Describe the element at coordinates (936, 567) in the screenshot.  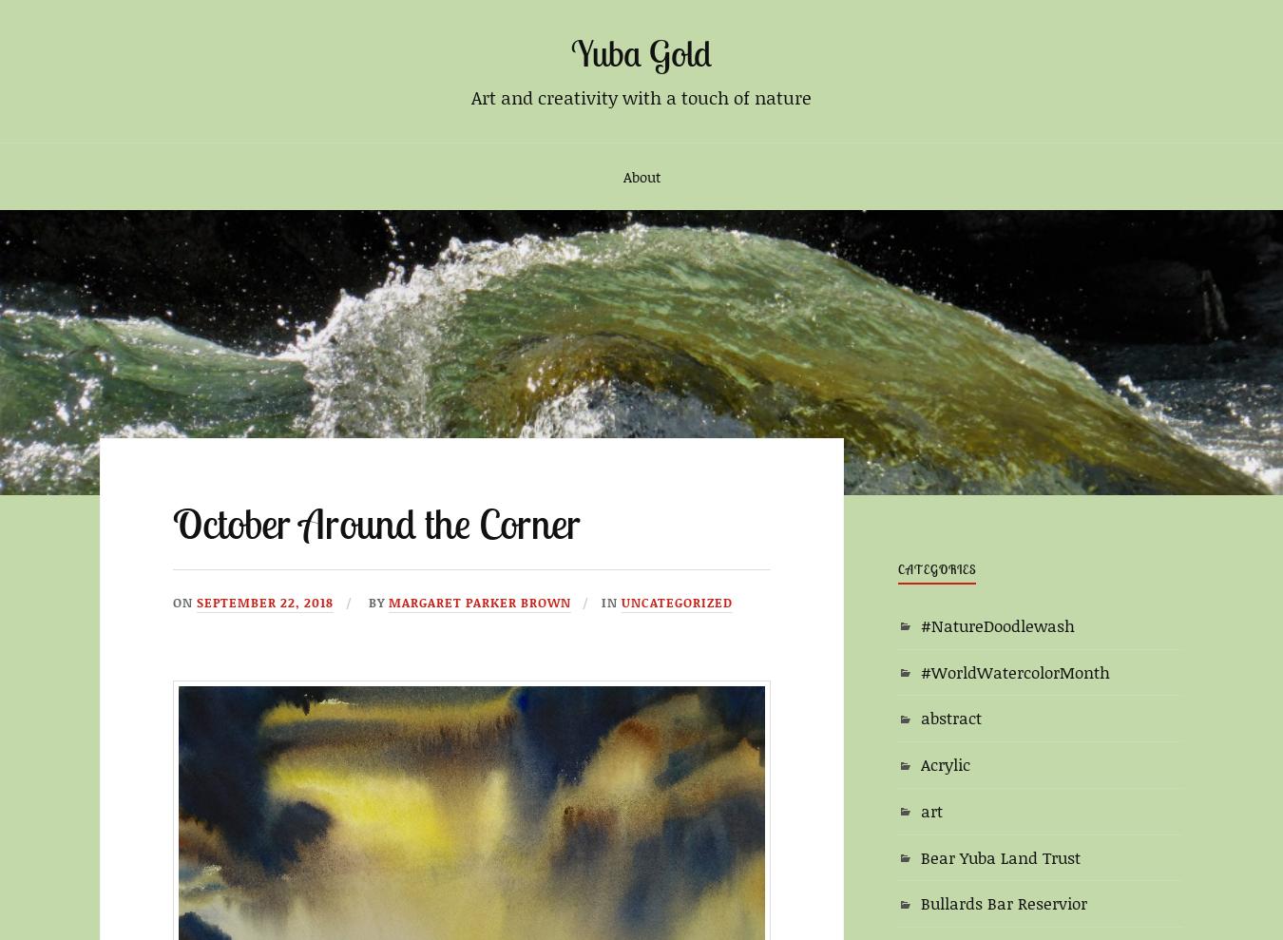
I see `'Categories'` at that location.